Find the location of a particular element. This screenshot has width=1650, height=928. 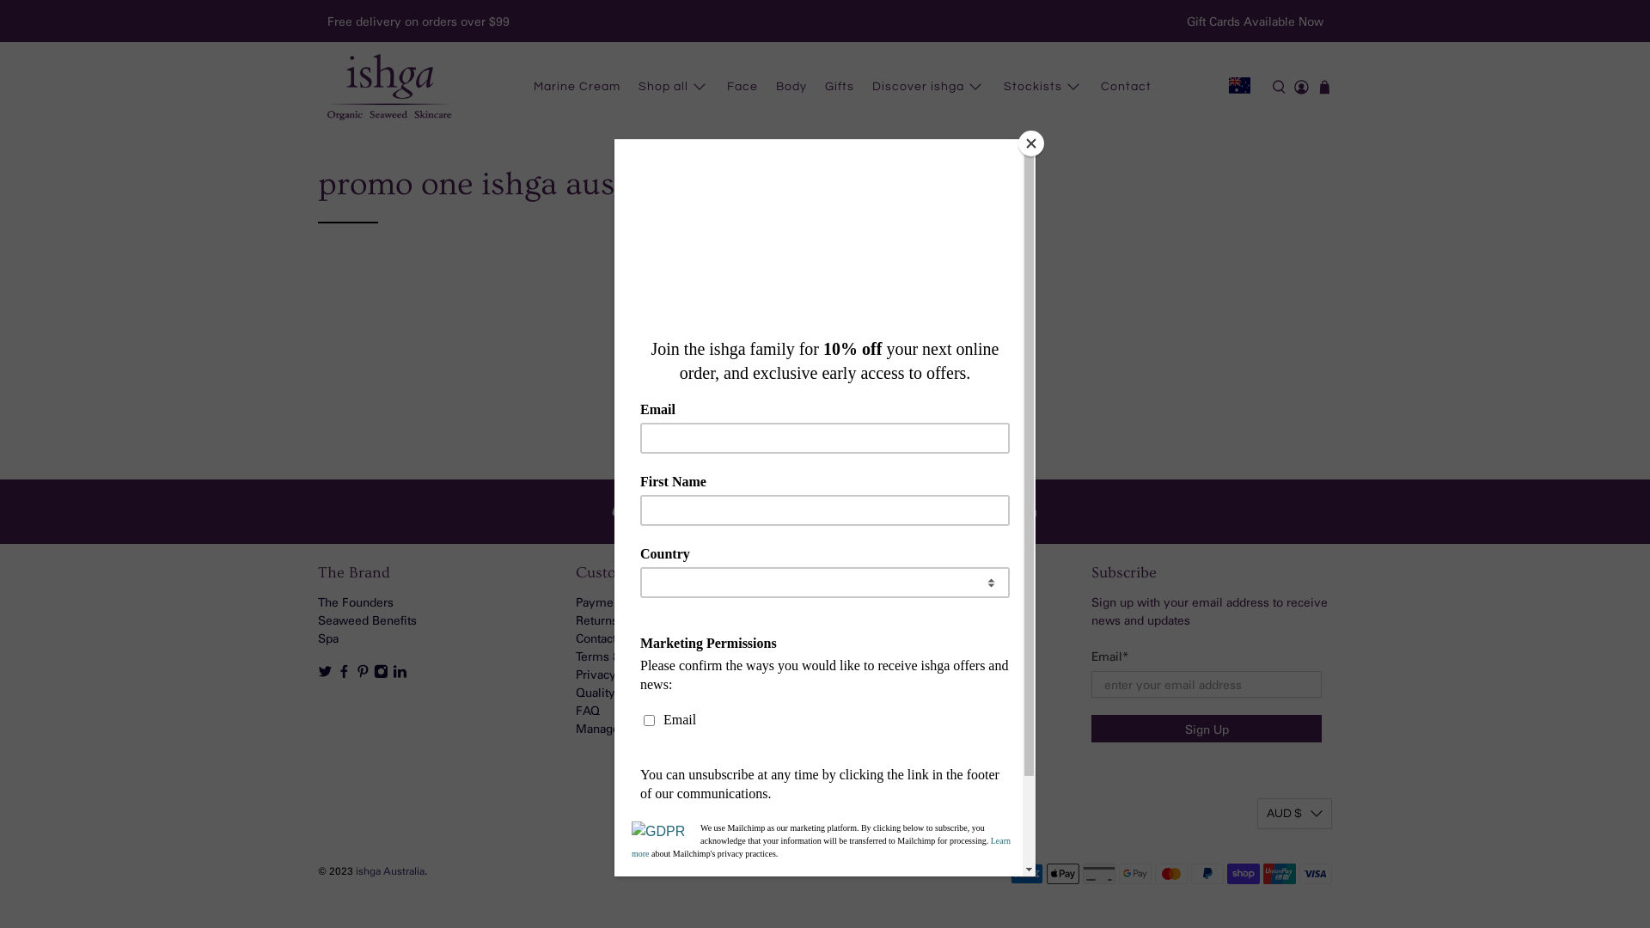

'Stockists' is located at coordinates (1042, 87).